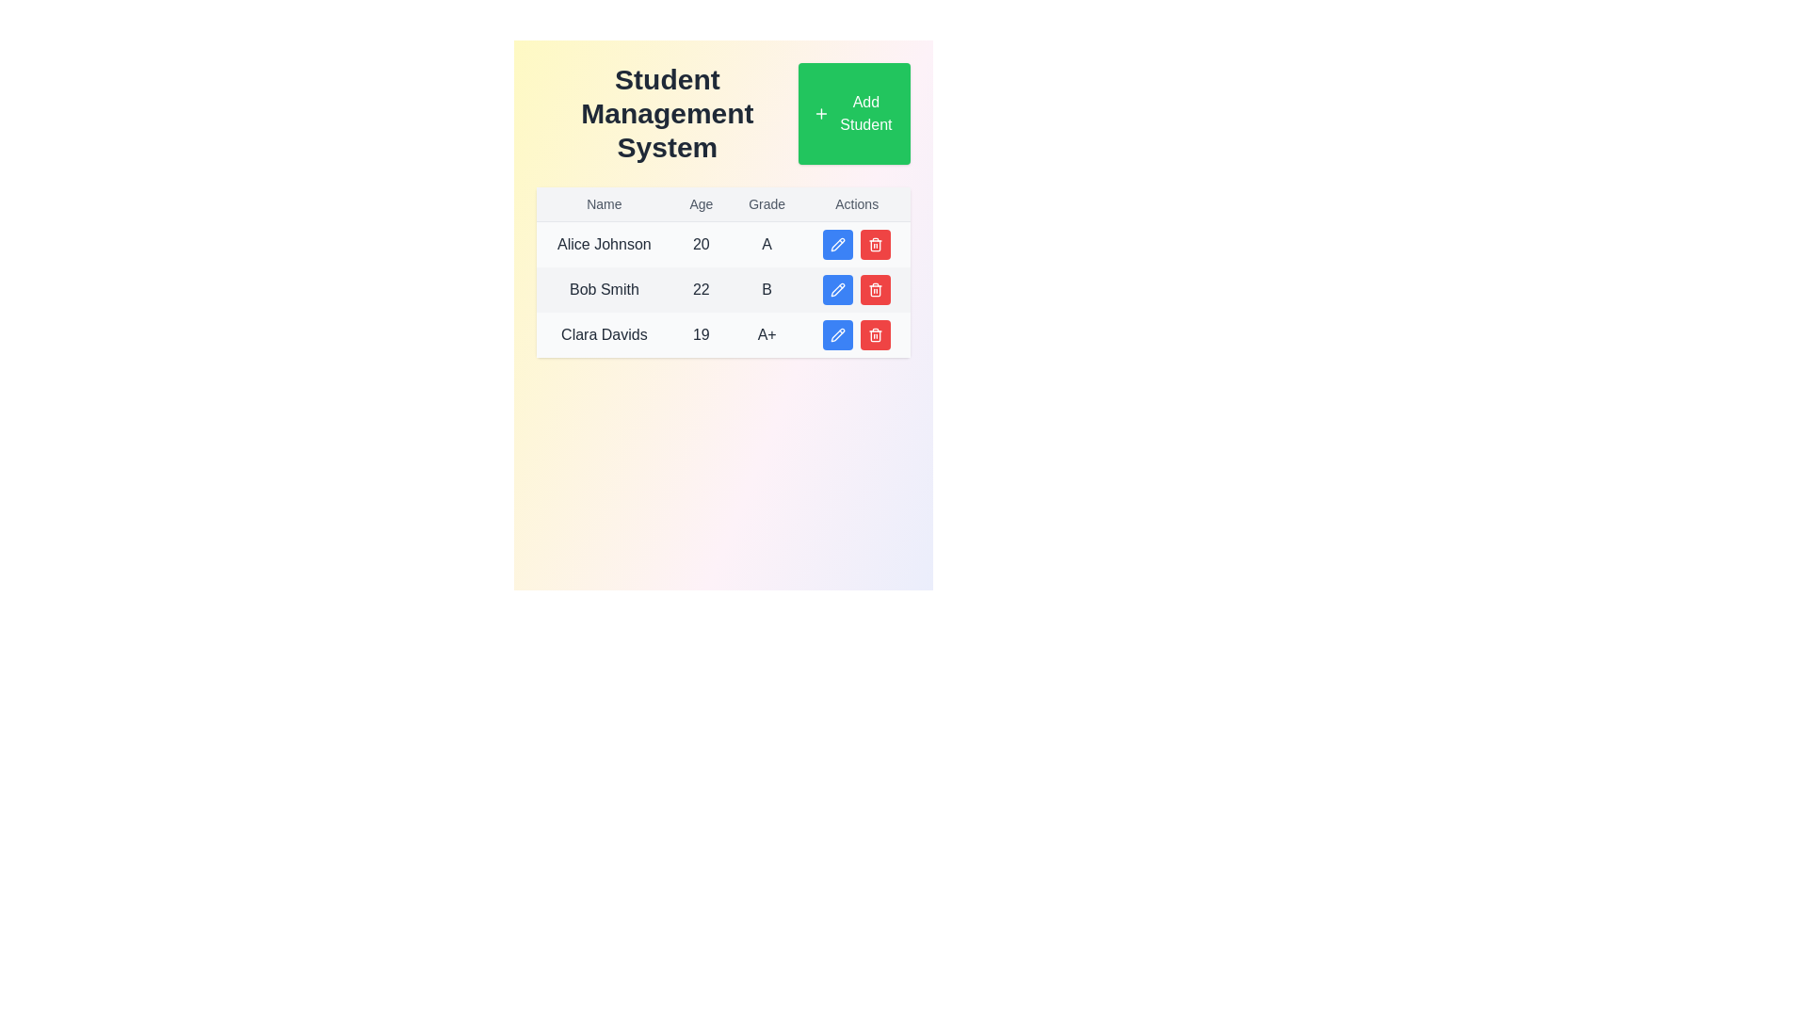 The width and height of the screenshot is (1808, 1017). What do you see at coordinates (875, 290) in the screenshot?
I see `the second red button with a trash icon in the 'Actions' column of the second row in the student management table` at bounding box center [875, 290].